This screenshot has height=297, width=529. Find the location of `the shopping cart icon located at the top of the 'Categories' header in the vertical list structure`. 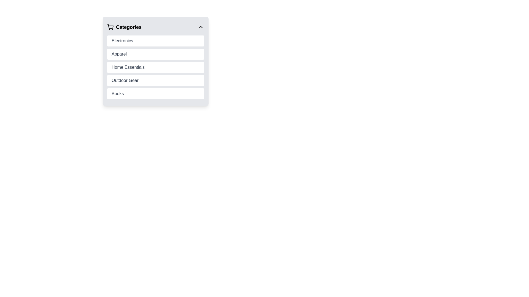

the shopping cart icon located at the top of the 'Categories' header in the vertical list structure is located at coordinates (110, 27).